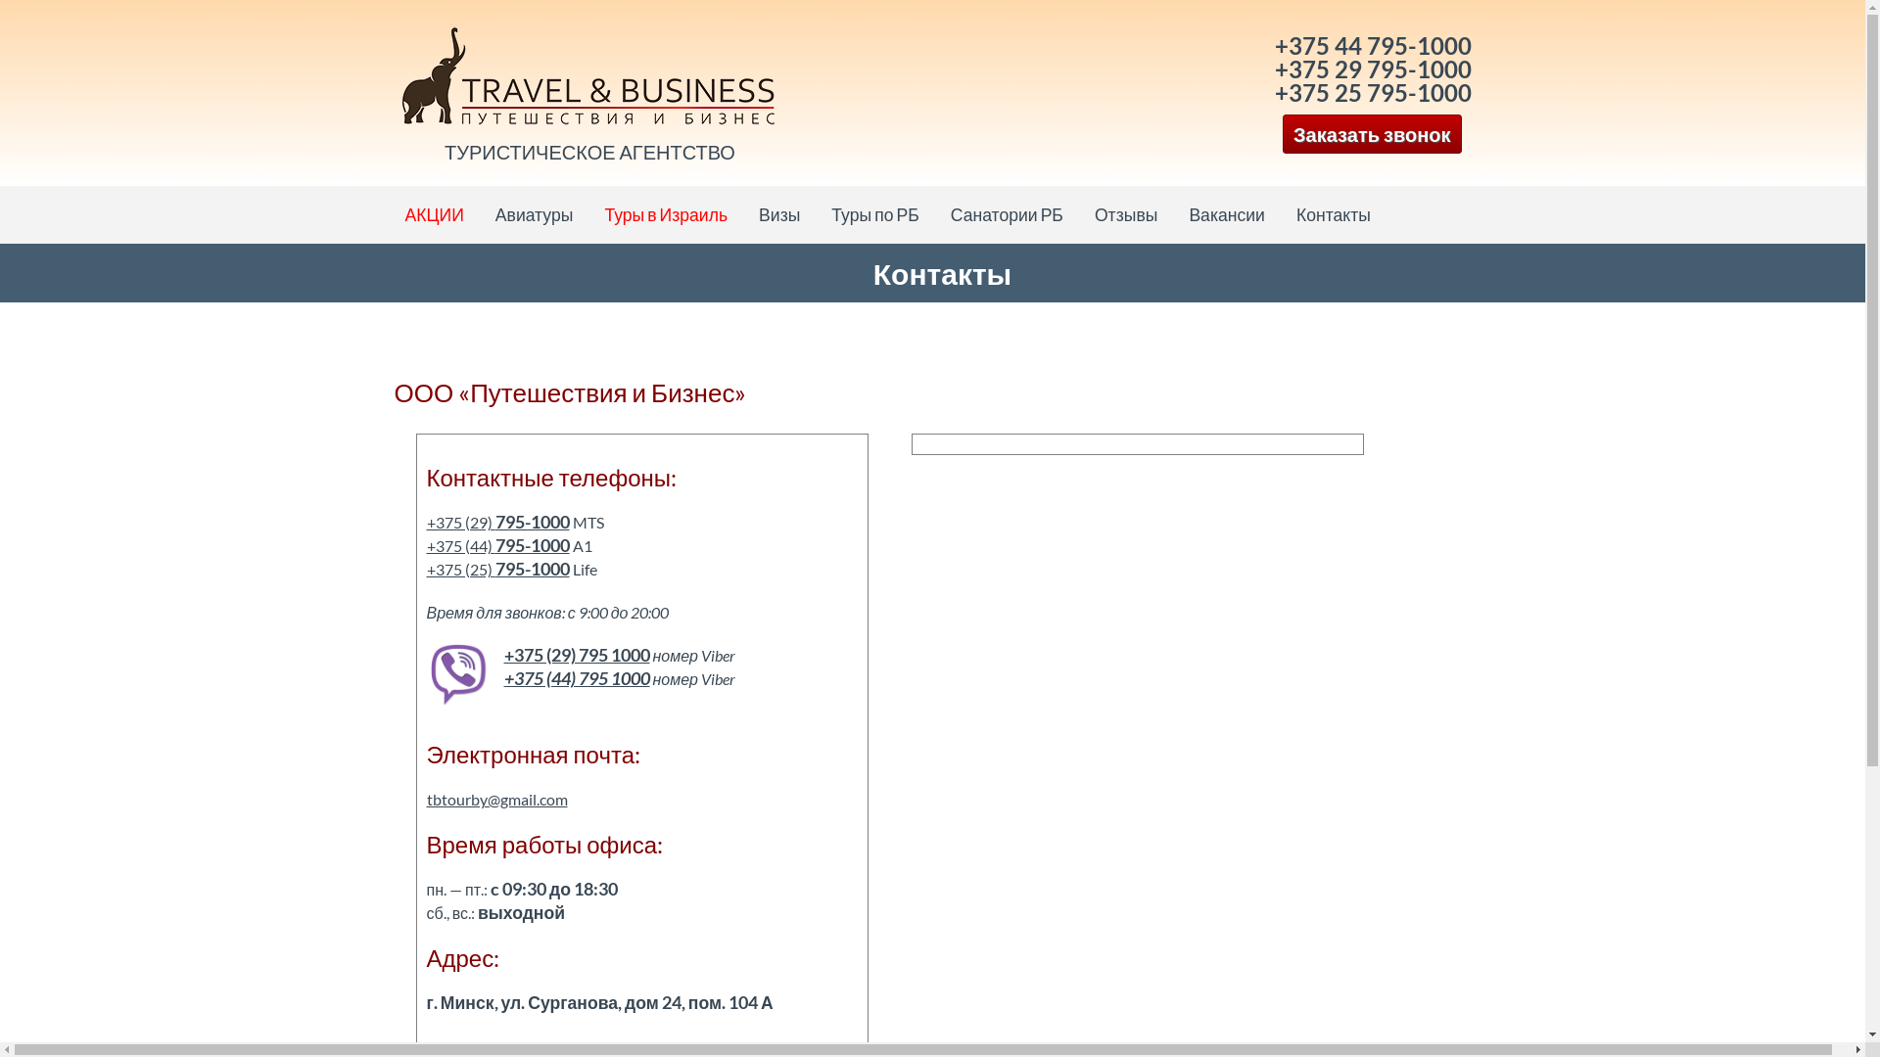 The image size is (1880, 1057). Describe the element at coordinates (497, 521) in the screenshot. I see `'+375 (29) 795-1000'` at that location.